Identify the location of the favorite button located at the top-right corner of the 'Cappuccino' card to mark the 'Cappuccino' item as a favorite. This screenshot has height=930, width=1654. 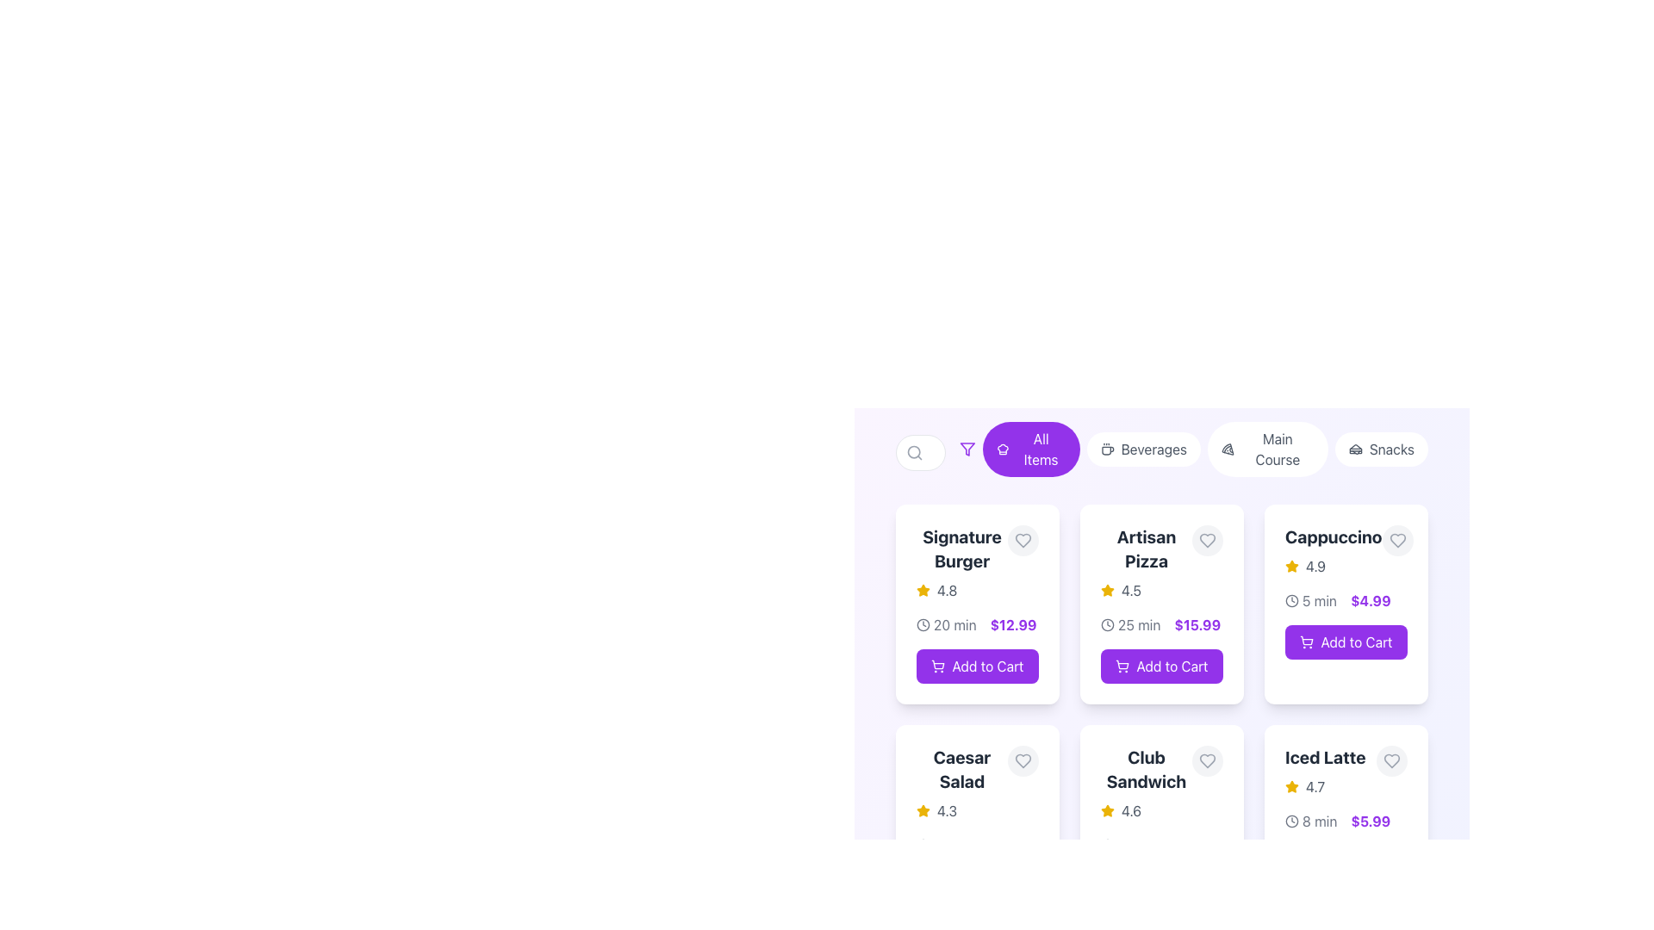
(1397, 540).